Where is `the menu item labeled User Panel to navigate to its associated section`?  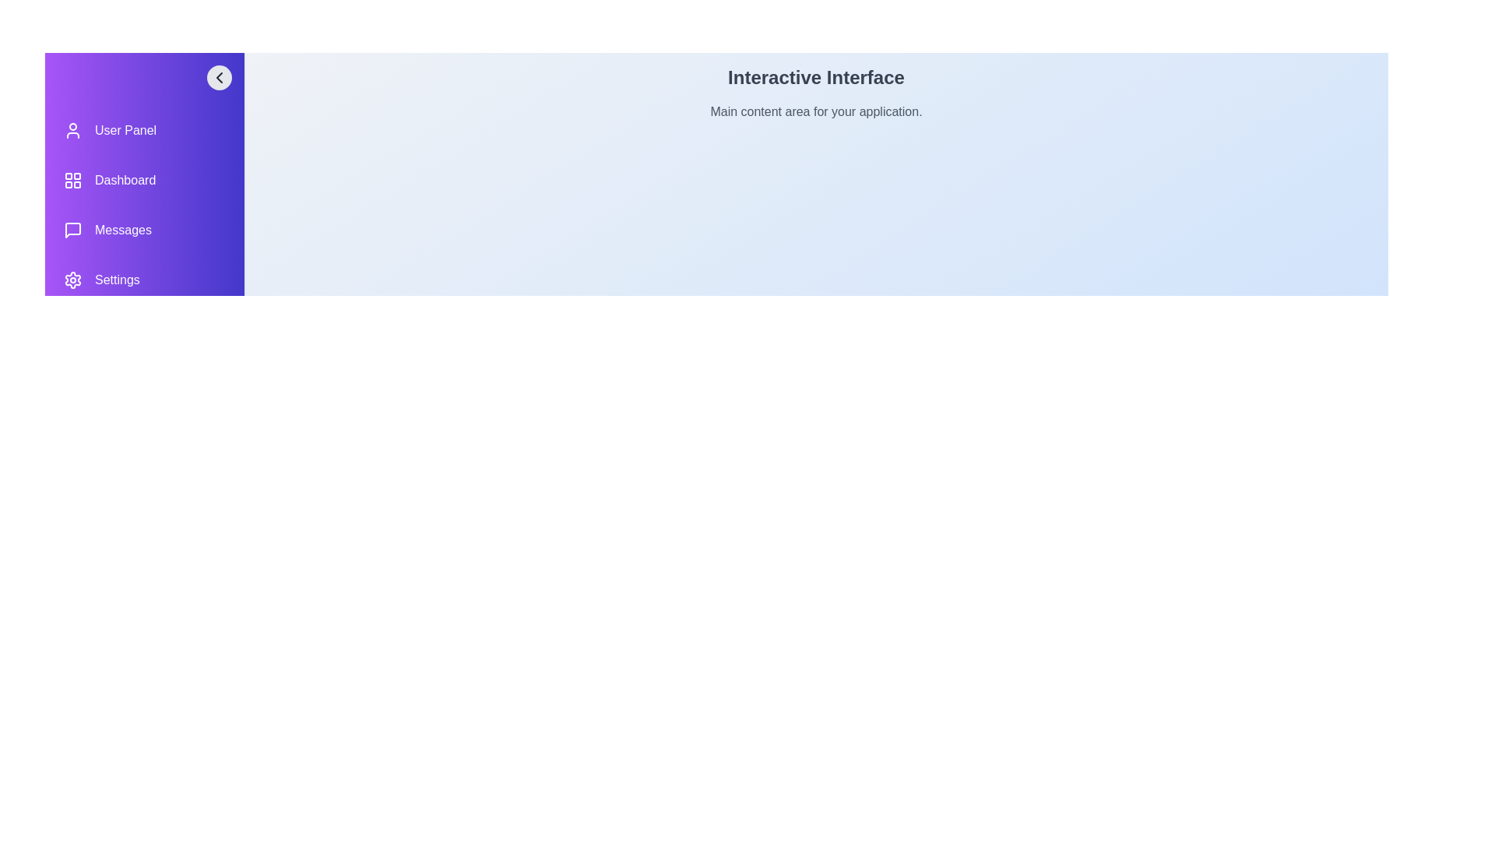
the menu item labeled User Panel to navigate to its associated section is located at coordinates (145, 130).